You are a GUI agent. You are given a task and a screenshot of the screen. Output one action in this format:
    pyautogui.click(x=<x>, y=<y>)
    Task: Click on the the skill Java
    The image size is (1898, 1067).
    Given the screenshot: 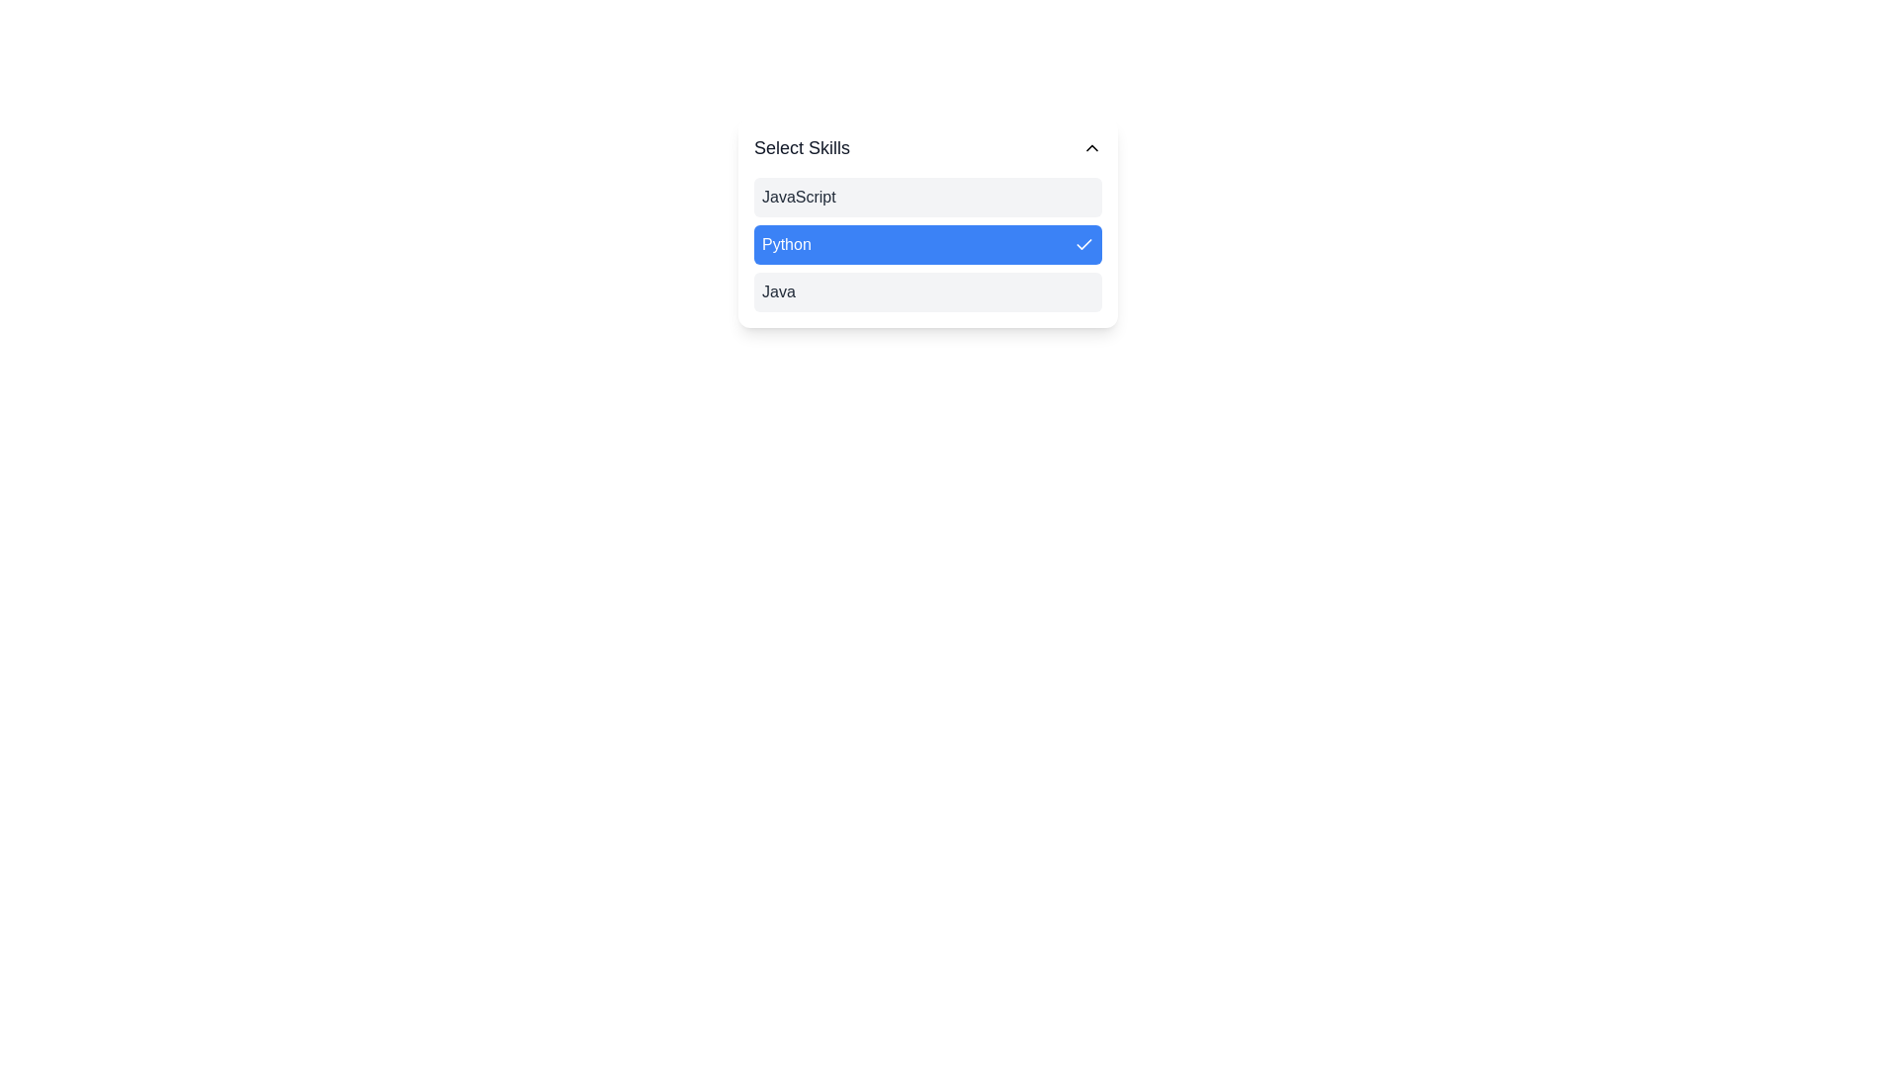 What is the action you would take?
    pyautogui.click(x=927, y=292)
    